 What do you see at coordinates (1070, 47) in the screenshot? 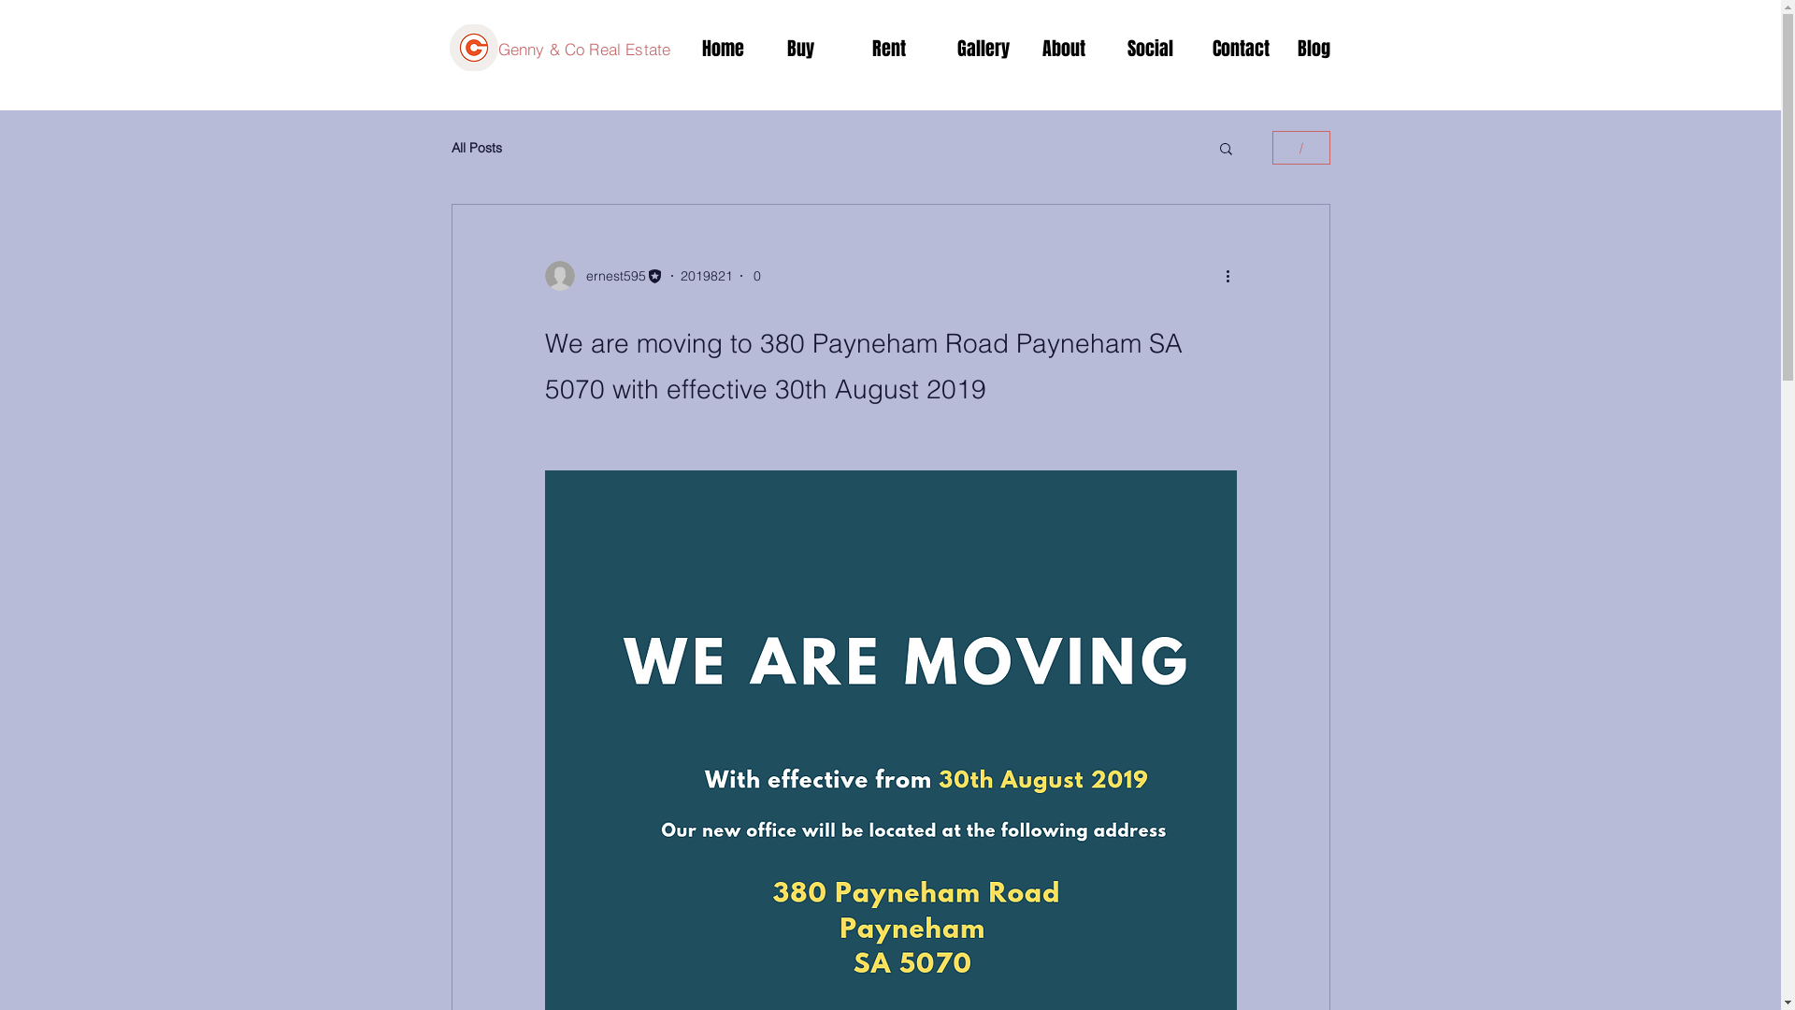
I see `'About'` at bounding box center [1070, 47].